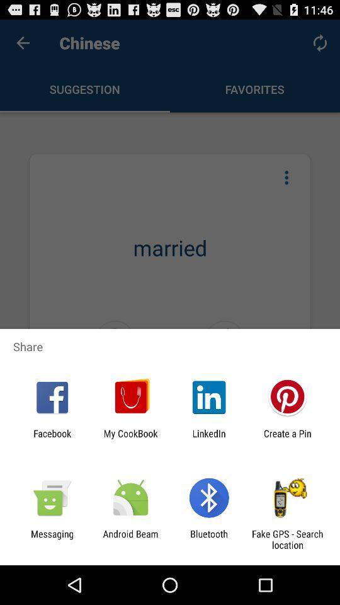 The image size is (340, 605). What do you see at coordinates (209, 539) in the screenshot?
I see `app next to the fake gps search item` at bounding box center [209, 539].